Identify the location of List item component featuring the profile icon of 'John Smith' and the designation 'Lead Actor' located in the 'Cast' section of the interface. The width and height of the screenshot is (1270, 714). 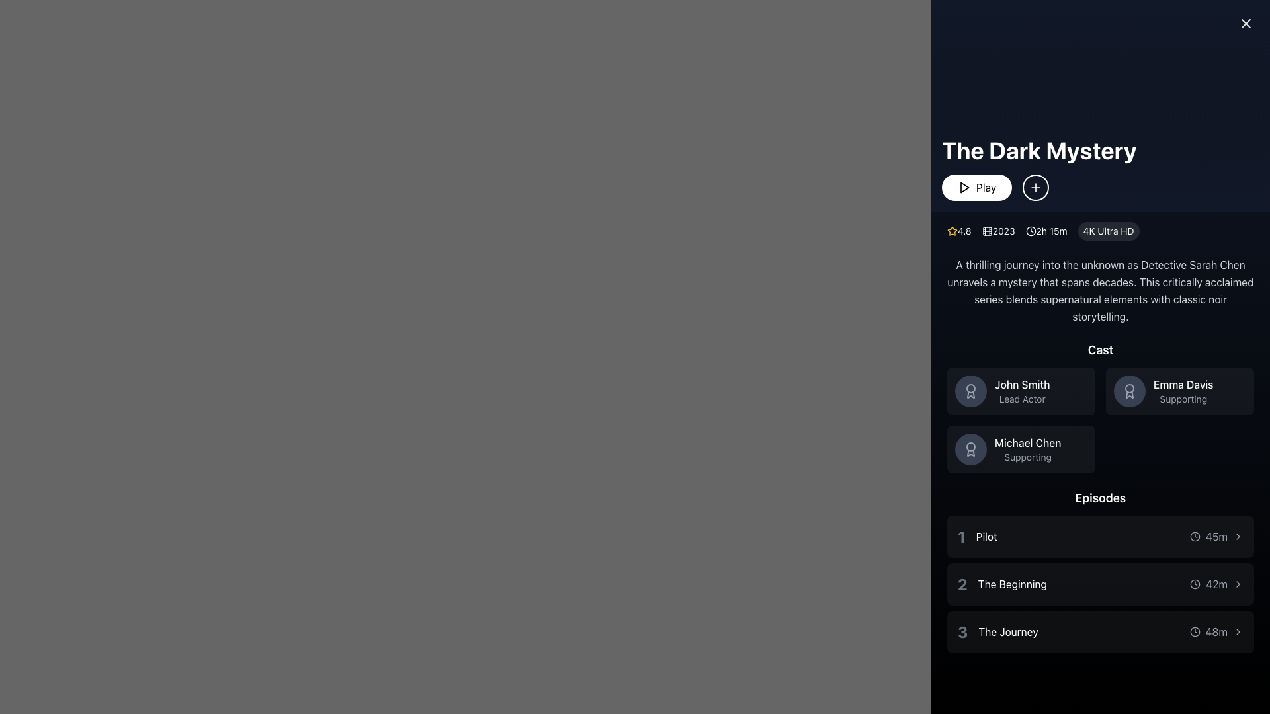
(1021, 390).